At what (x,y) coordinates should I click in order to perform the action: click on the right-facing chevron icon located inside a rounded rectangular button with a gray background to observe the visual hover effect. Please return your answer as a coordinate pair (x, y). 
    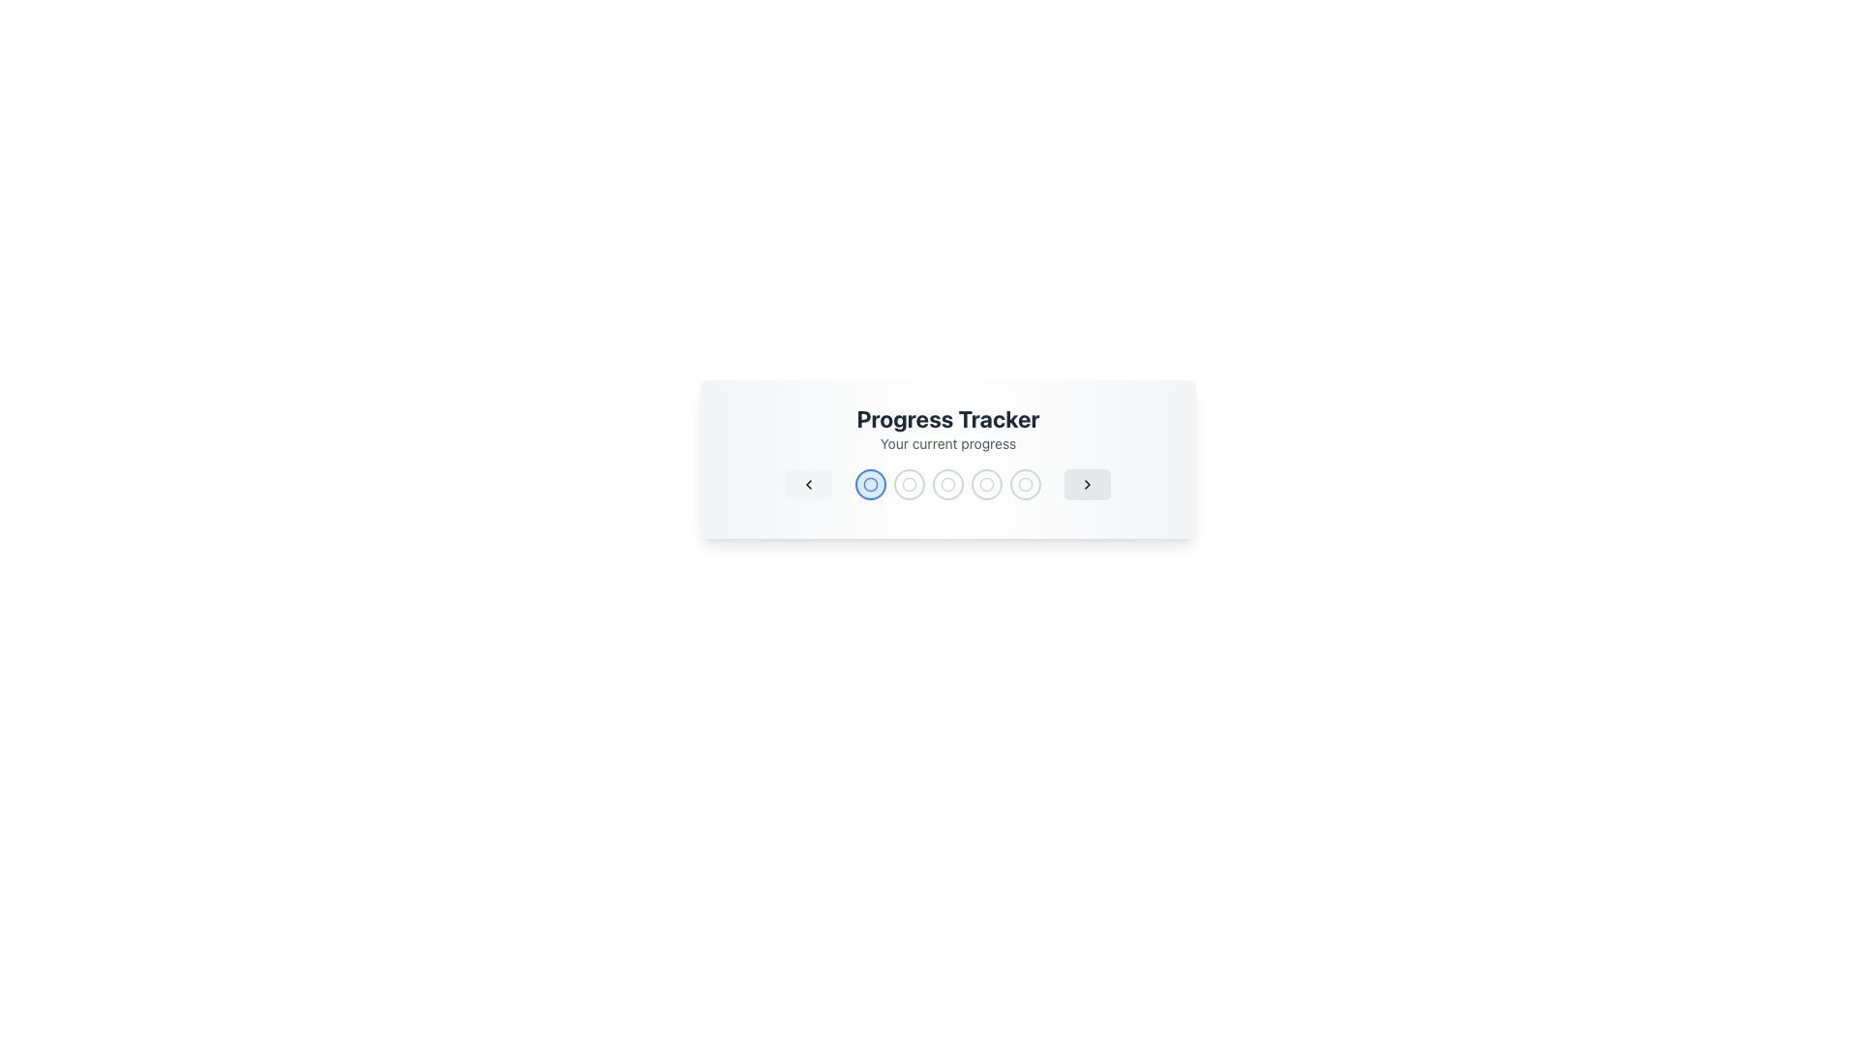
    Looking at the image, I should click on (1087, 484).